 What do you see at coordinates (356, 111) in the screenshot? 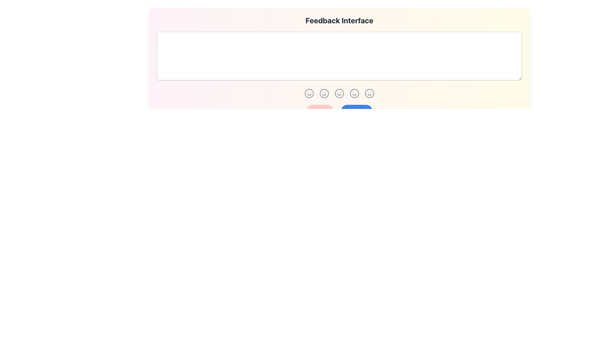
I see `the blue 'Submit' button with rounded edges` at bounding box center [356, 111].